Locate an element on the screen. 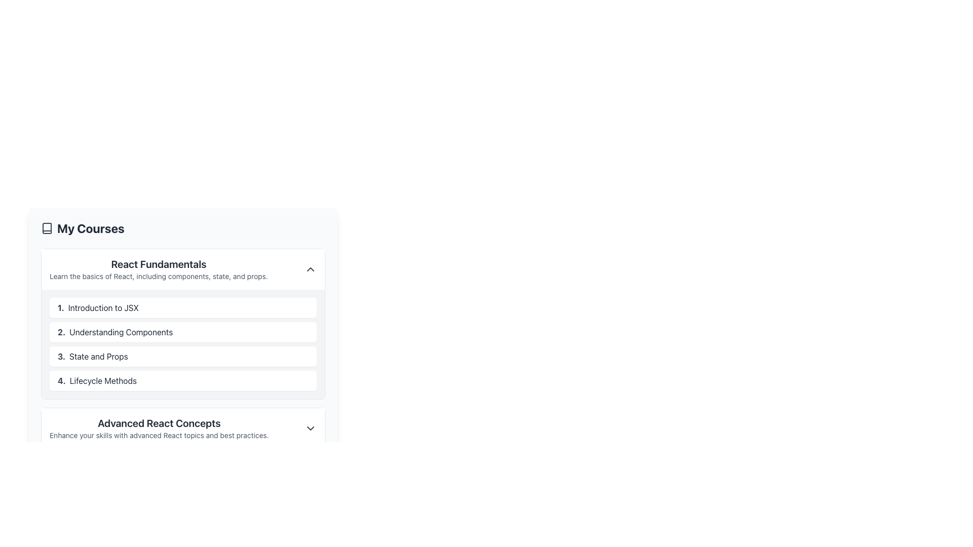  numerical index Text Label located at the far-left of the first list item in the 'React Fundamentals' section, preceding the text 'Introduction to JSX' is located at coordinates (60, 307).